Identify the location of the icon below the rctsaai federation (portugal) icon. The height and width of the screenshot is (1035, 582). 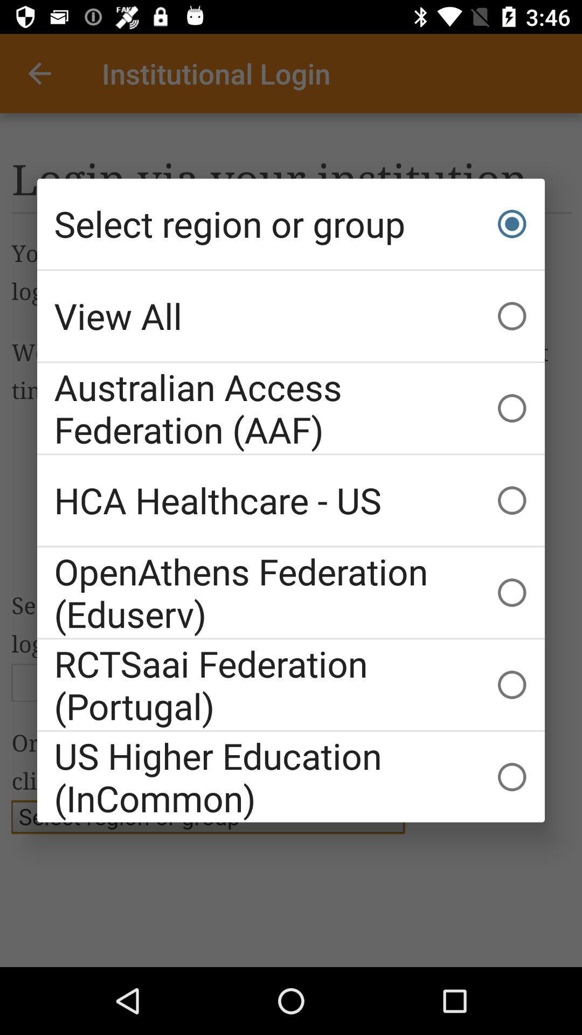
(291, 777).